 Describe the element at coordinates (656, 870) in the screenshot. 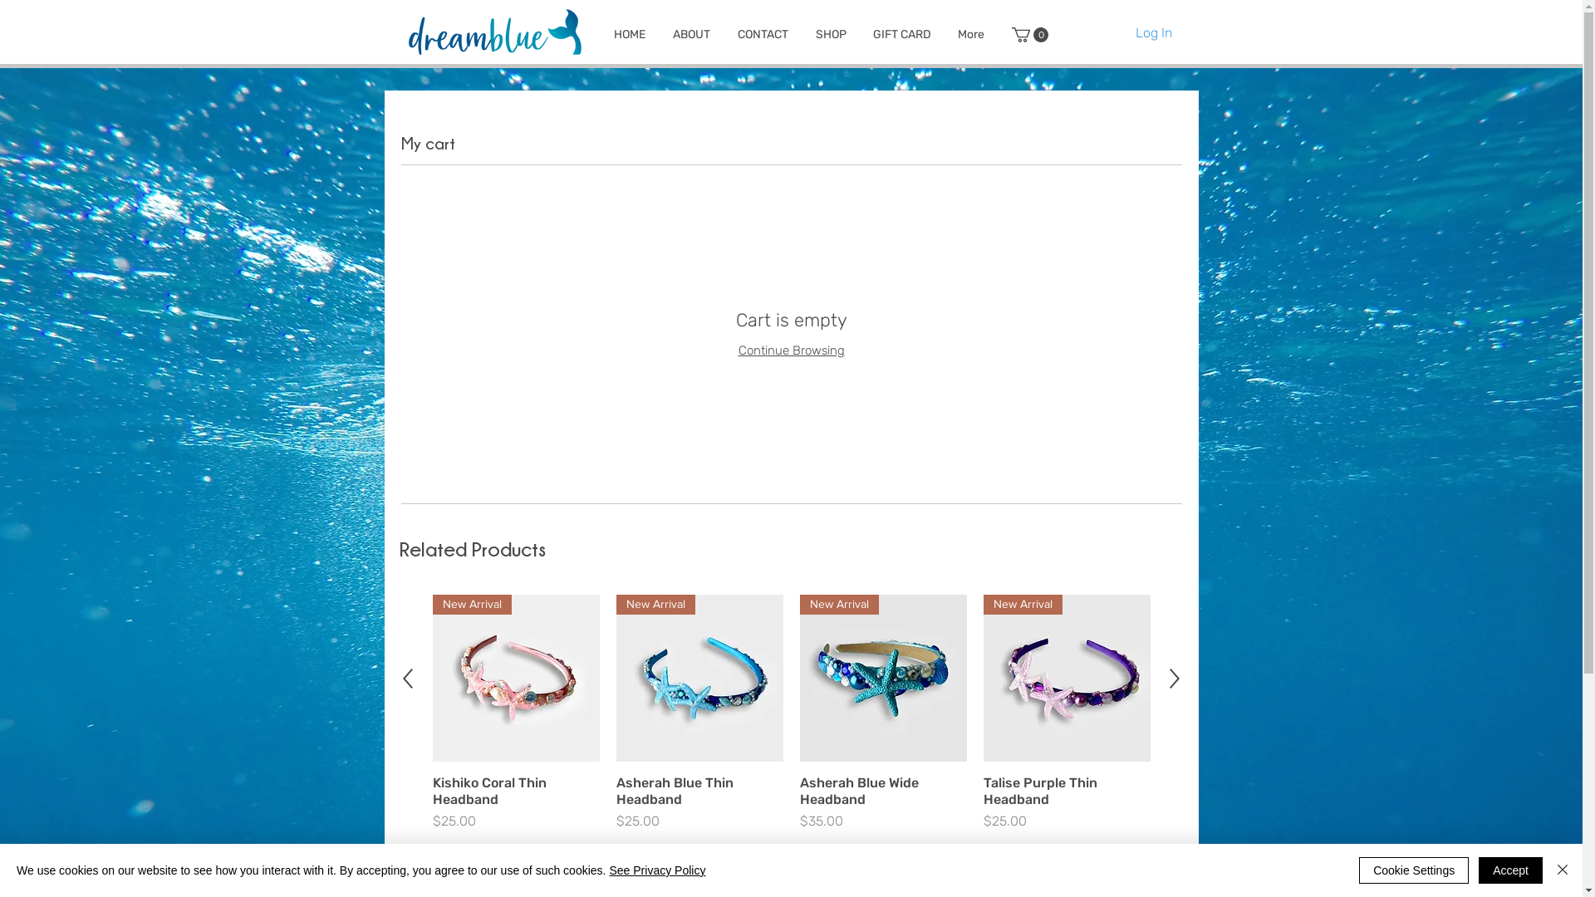

I see `'See Privacy Policy'` at that location.